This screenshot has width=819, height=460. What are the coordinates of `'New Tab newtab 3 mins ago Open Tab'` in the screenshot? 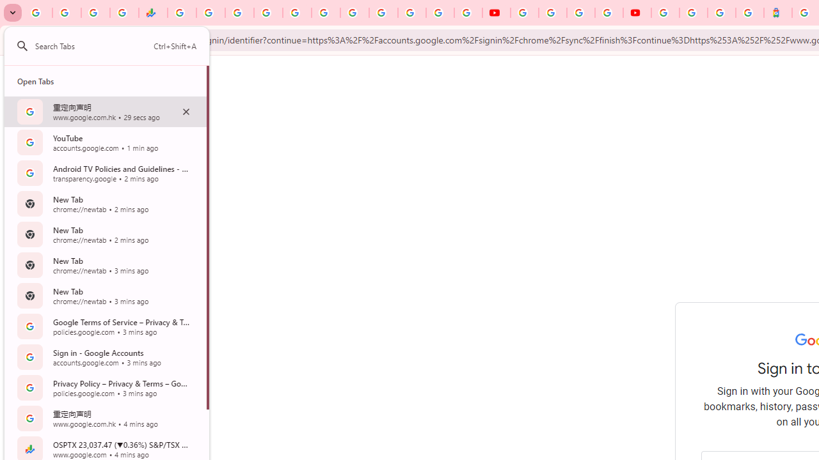 It's located at (105, 295).